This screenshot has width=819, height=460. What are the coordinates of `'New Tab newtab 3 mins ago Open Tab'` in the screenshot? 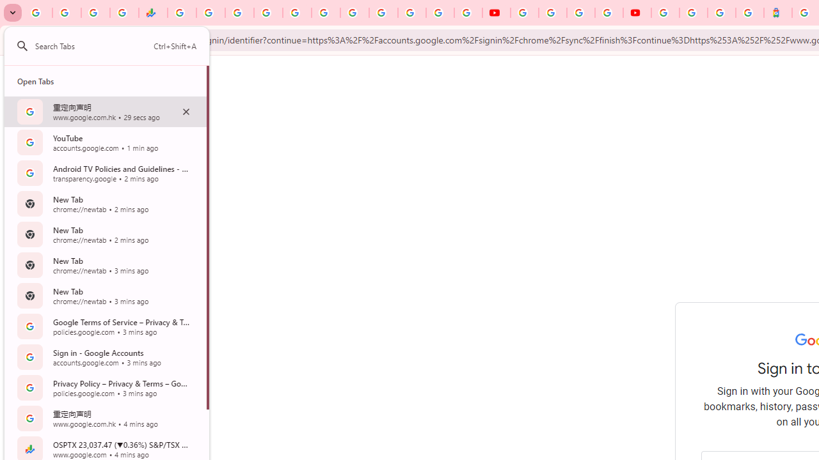 It's located at (105, 295).